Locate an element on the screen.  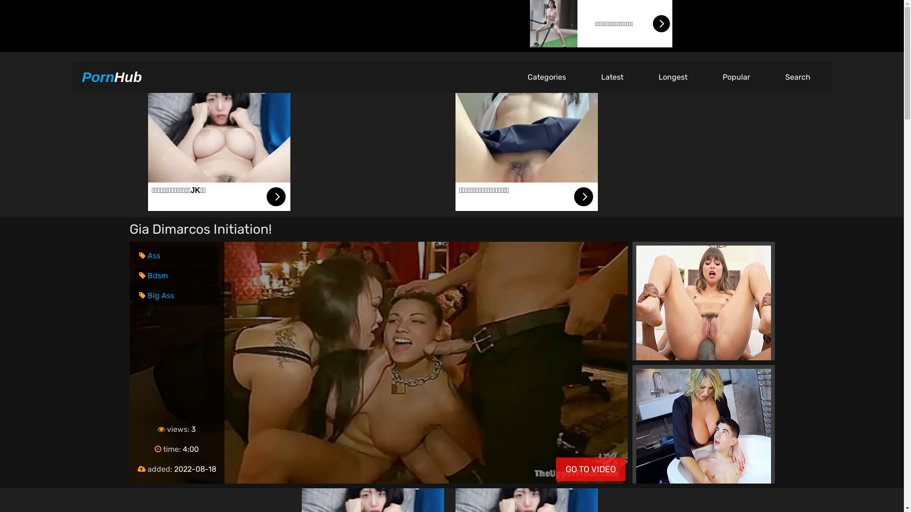
'Popular' is located at coordinates (735, 76).